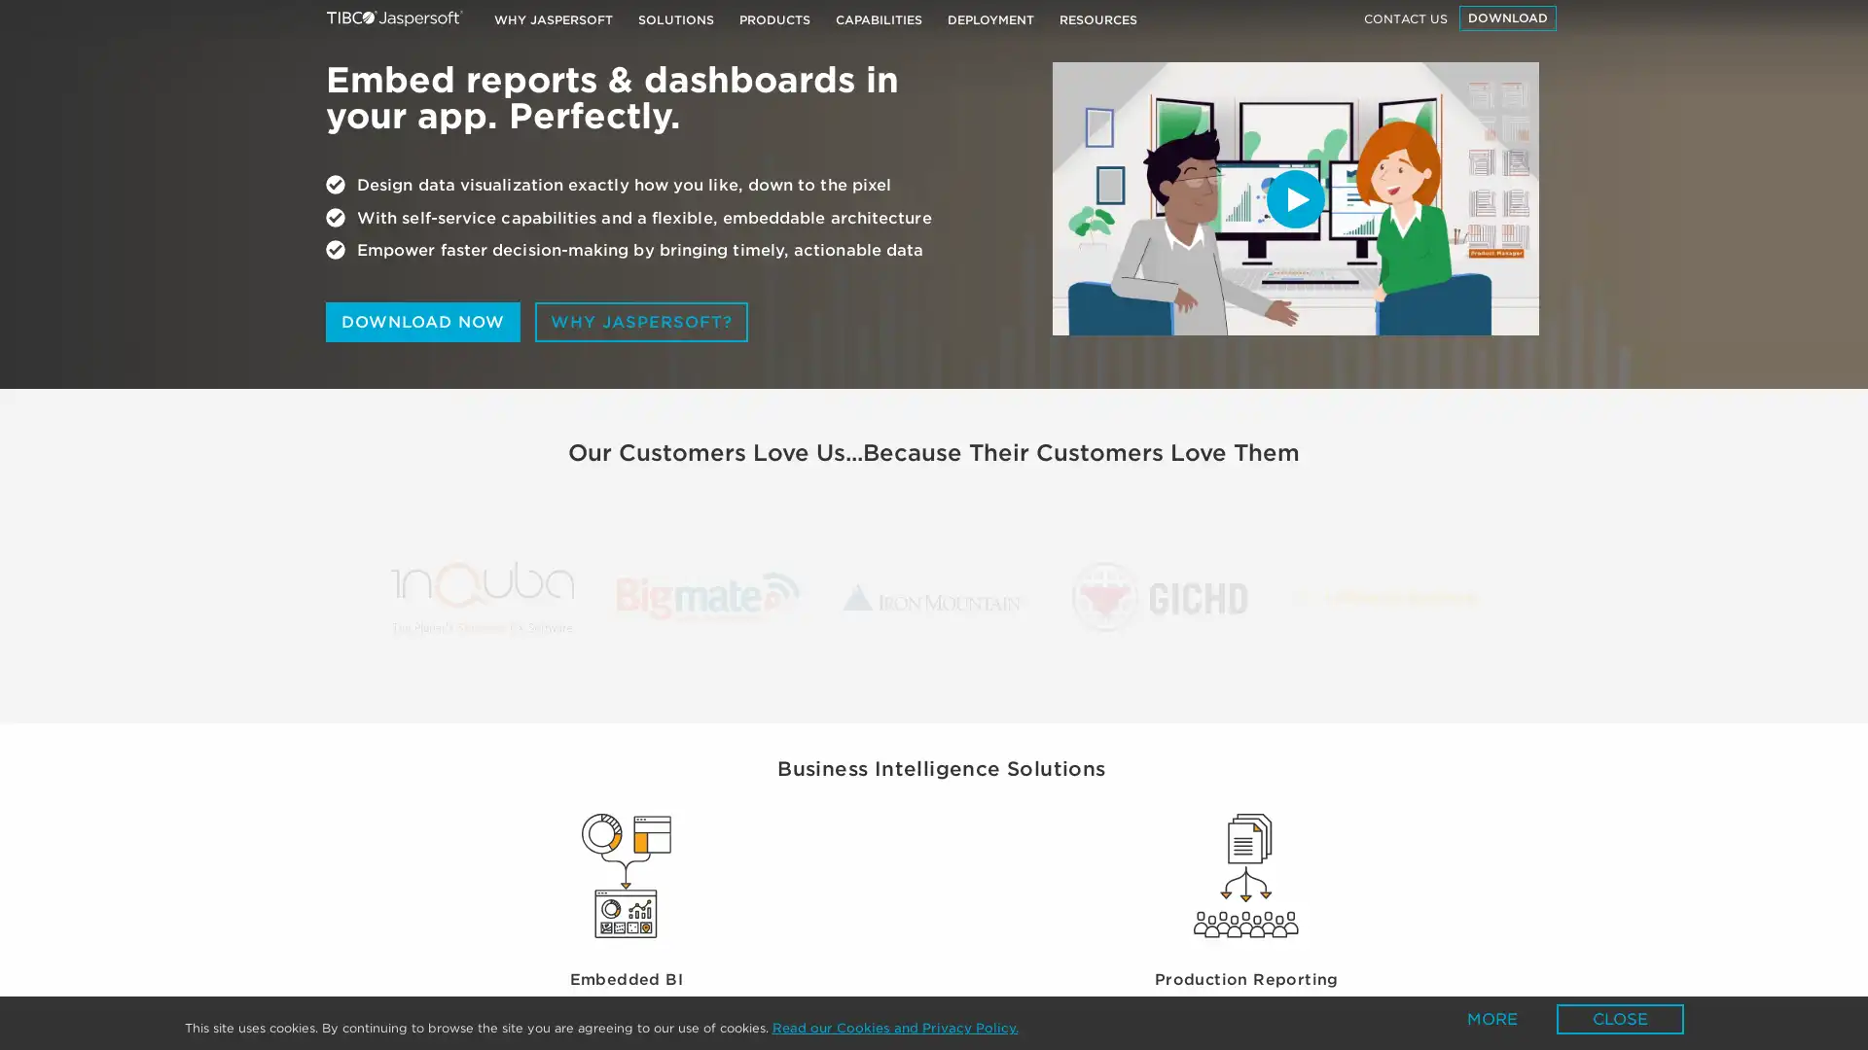  What do you see at coordinates (1619, 1018) in the screenshot?
I see `CLOSE` at bounding box center [1619, 1018].